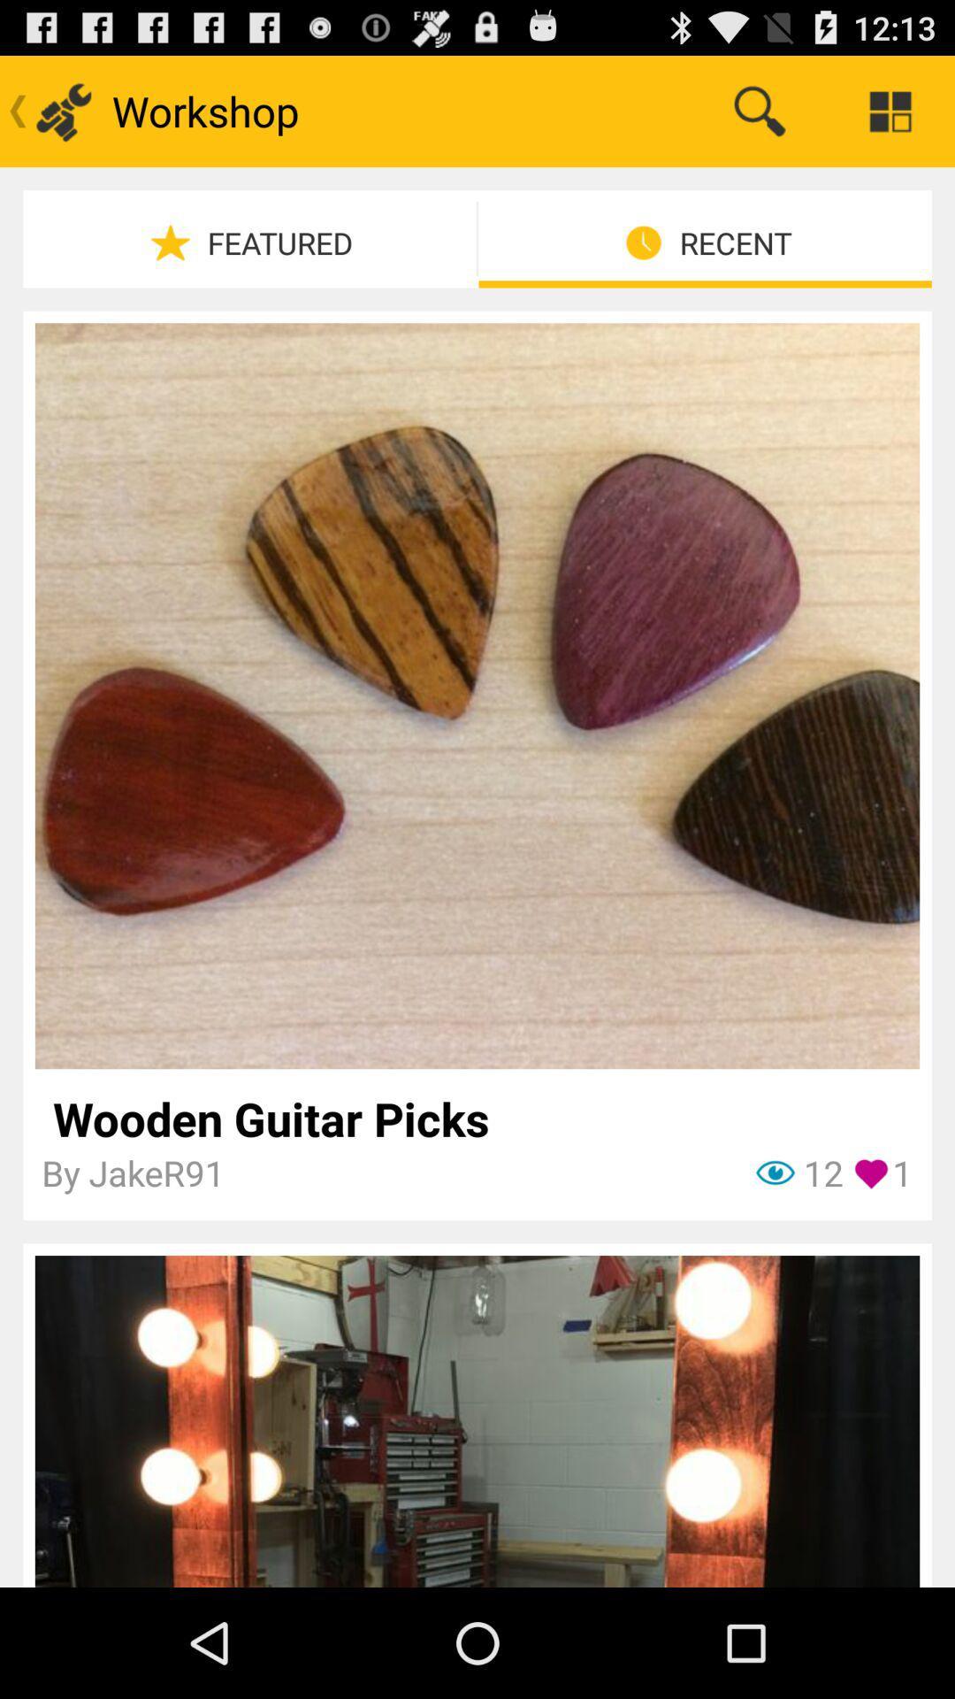 The width and height of the screenshot is (955, 1699). Describe the element at coordinates (759, 110) in the screenshot. I see `the icon above the recent item` at that location.